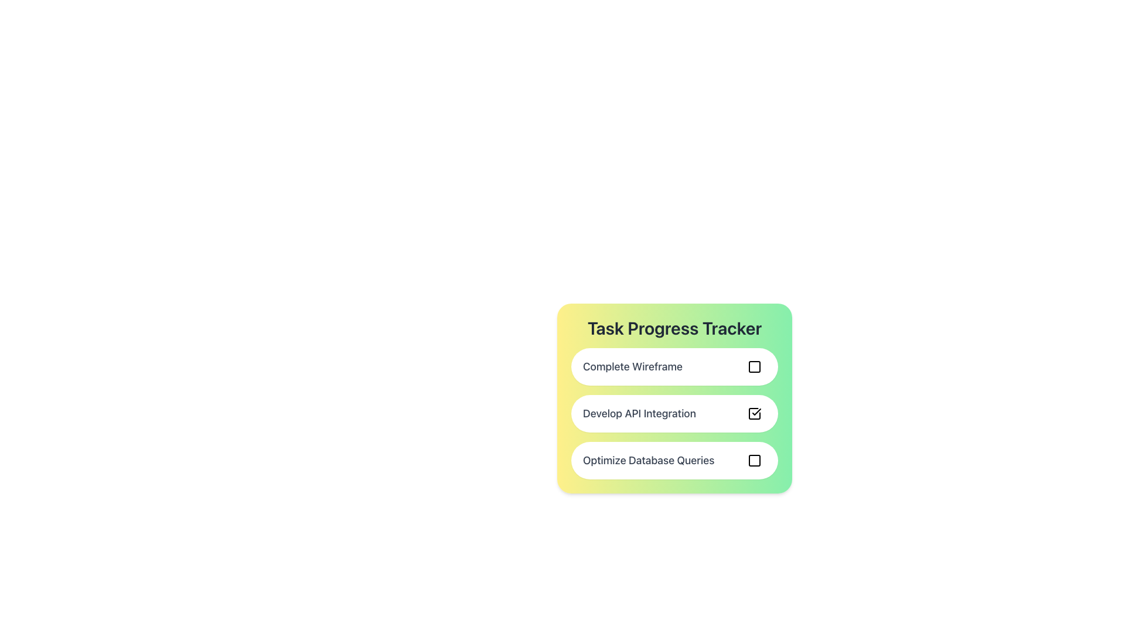 The height and width of the screenshot is (633, 1125). I want to click on the text label that says 'Develop API Integration' which is styled in a medium-sized gray font and is part of a task tracker interface, so click(639, 413).